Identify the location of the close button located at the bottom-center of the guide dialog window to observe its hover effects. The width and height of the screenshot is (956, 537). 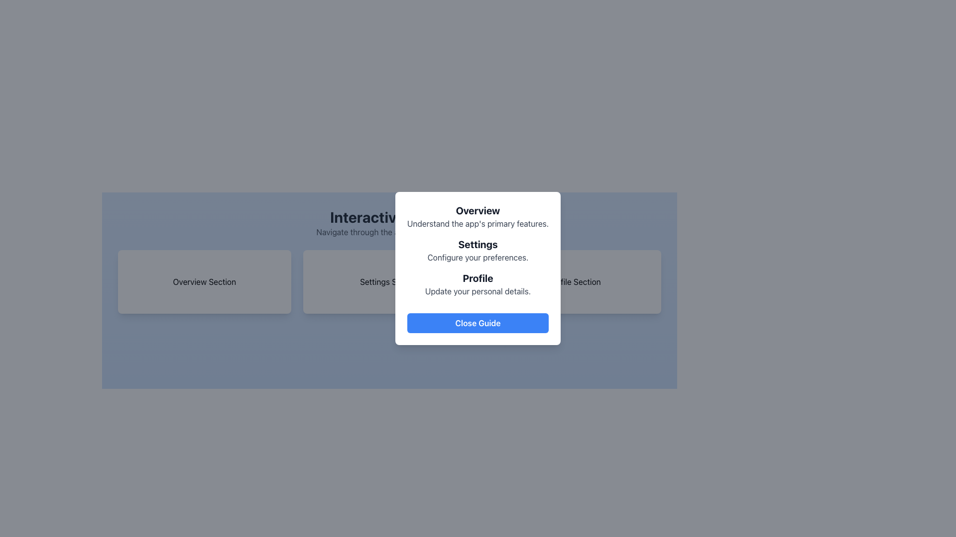
(478, 323).